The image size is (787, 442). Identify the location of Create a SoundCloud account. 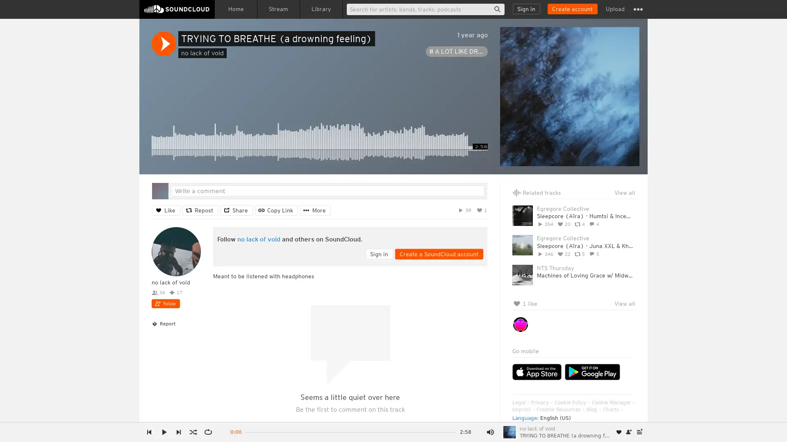
(572, 9).